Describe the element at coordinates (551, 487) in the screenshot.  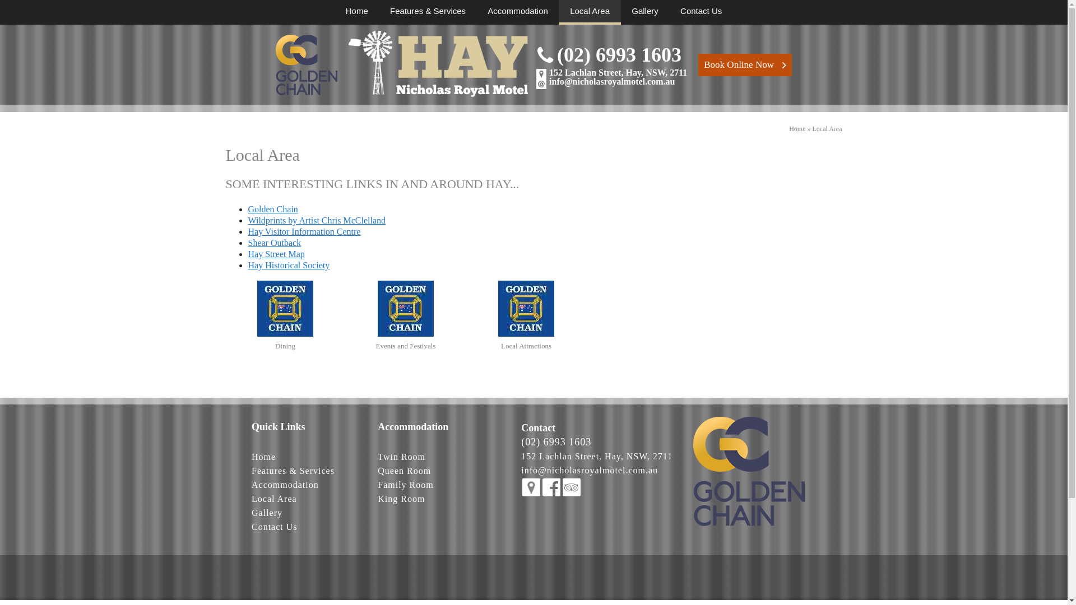
I see `'Like us on Facebook'` at that location.